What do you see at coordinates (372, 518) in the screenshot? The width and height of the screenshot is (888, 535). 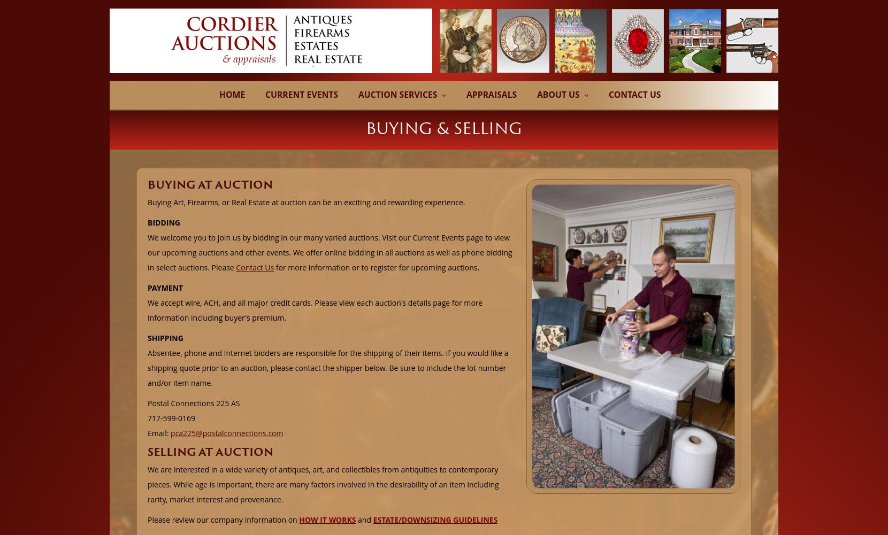 I see `'ESTATE/DOWNSIZING GUIDELINES'` at bounding box center [372, 518].